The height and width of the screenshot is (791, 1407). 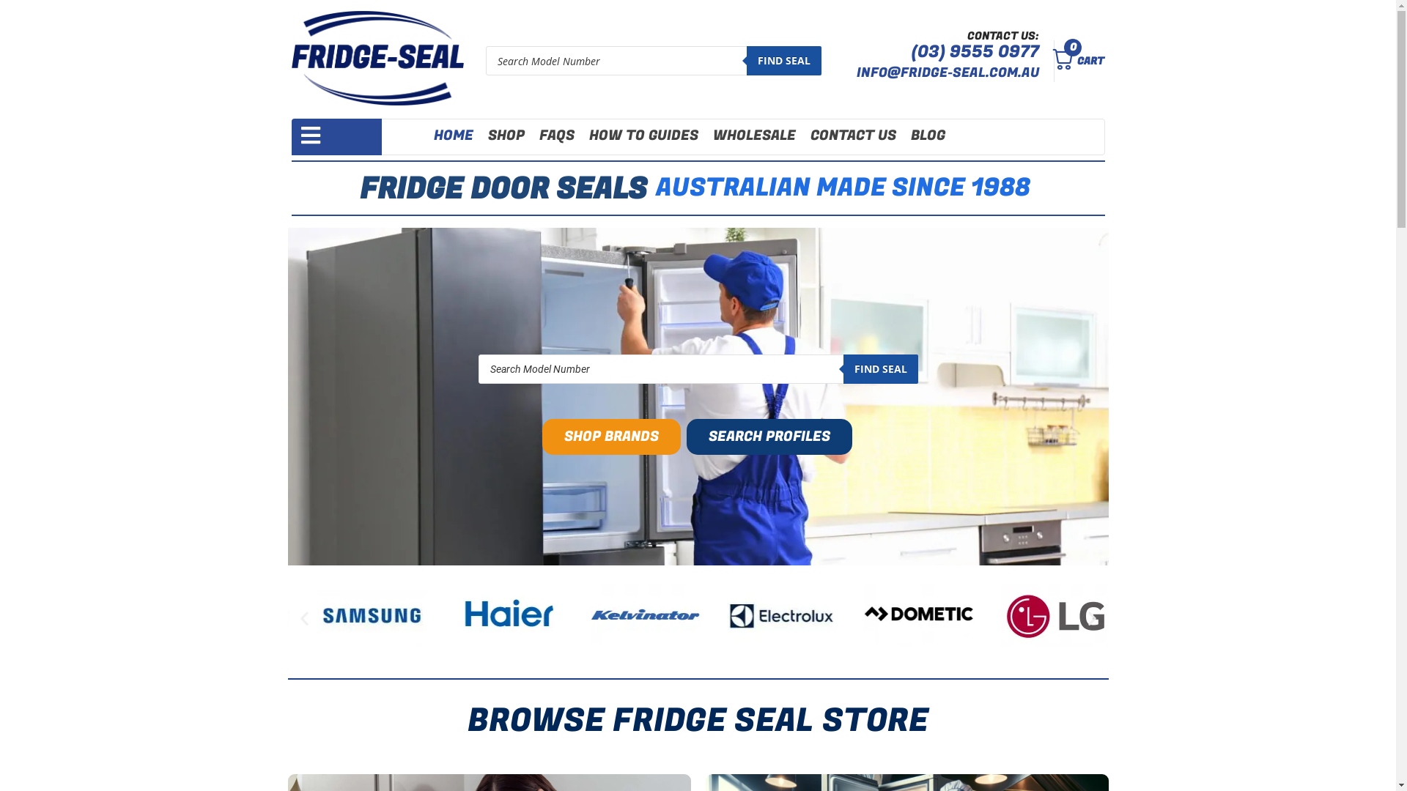 I want to click on 'CONTACT US', so click(x=853, y=135).